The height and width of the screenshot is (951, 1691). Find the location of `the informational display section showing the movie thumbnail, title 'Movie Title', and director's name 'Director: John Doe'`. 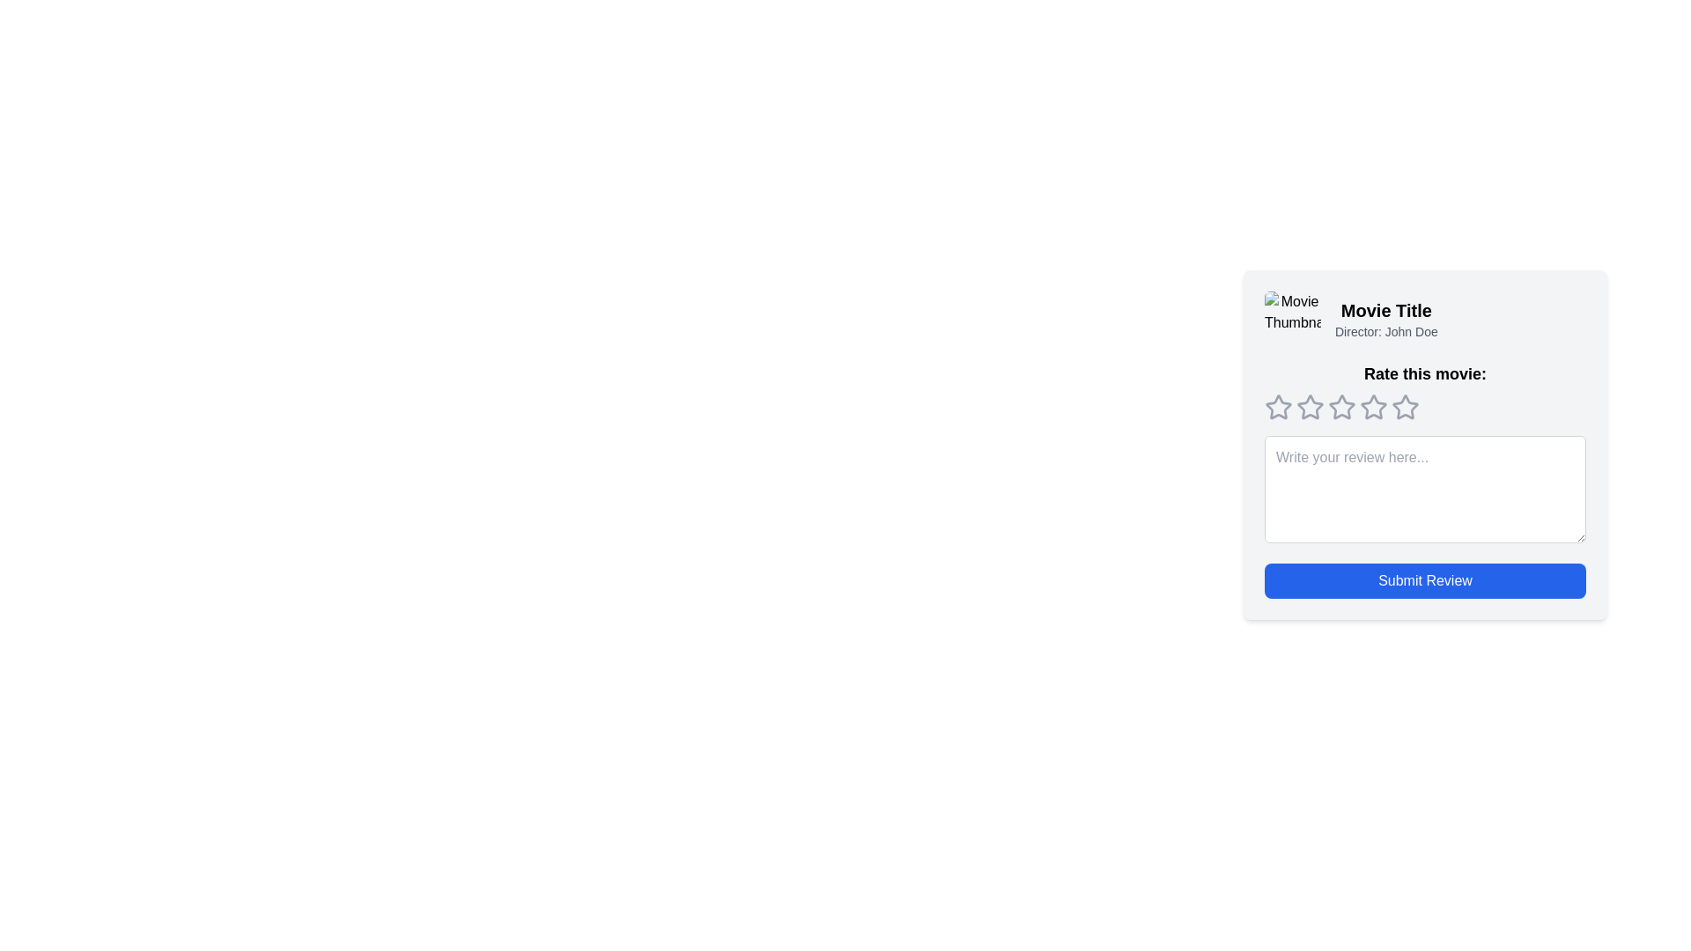

the informational display section showing the movie thumbnail, title 'Movie Title', and director's name 'Director: John Doe' is located at coordinates (1425, 319).